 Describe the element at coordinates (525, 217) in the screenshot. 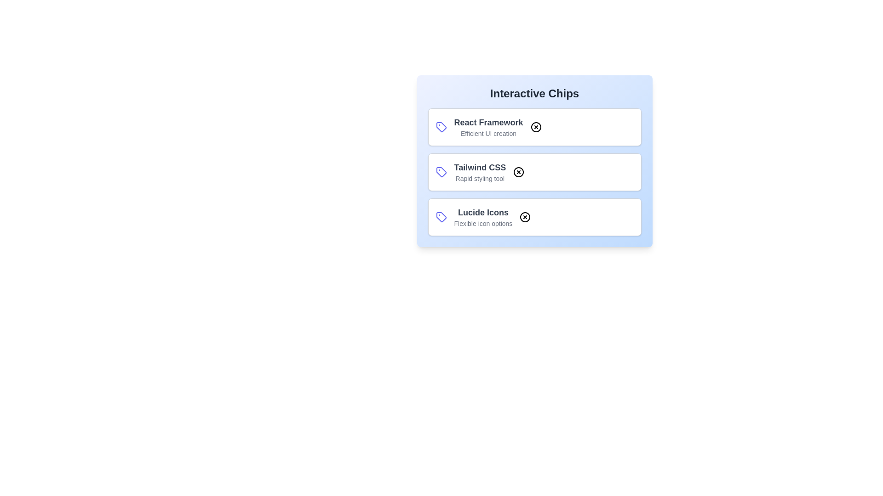

I see `close button on the chip labeled Lucide Icons` at that location.